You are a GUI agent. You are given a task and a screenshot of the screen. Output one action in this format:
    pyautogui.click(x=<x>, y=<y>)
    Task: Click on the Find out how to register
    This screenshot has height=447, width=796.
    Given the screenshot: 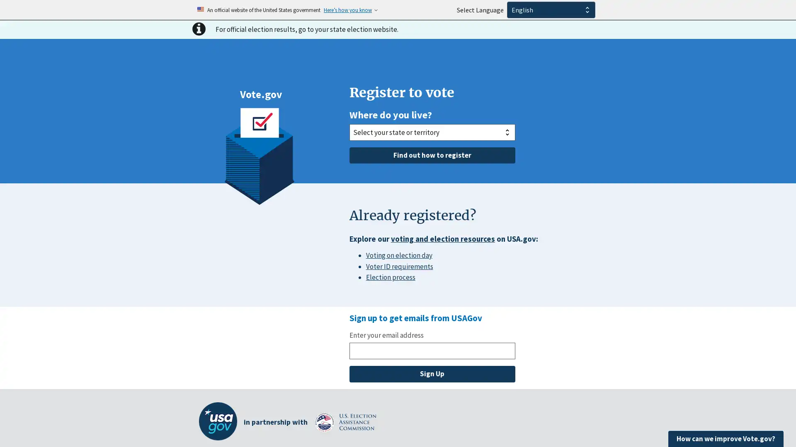 What is the action you would take?
    pyautogui.click(x=431, y=155)
    